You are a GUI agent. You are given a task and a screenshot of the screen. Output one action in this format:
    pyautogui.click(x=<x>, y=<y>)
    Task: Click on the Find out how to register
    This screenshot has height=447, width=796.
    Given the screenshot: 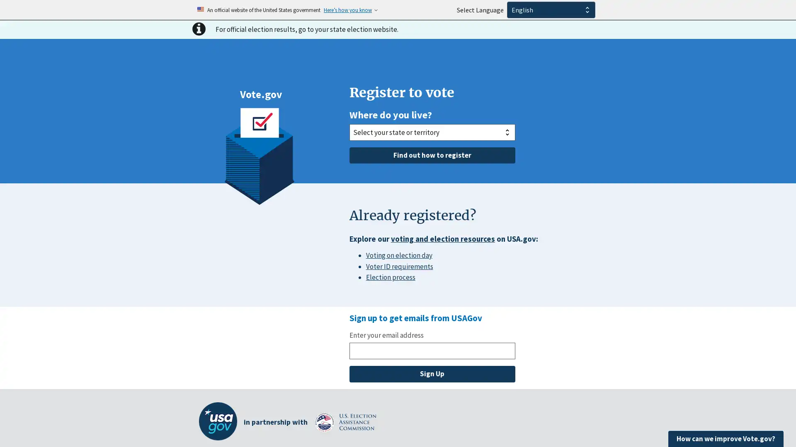 What is the action you would take?
    pyautogui.click(x=431, y=155)
    